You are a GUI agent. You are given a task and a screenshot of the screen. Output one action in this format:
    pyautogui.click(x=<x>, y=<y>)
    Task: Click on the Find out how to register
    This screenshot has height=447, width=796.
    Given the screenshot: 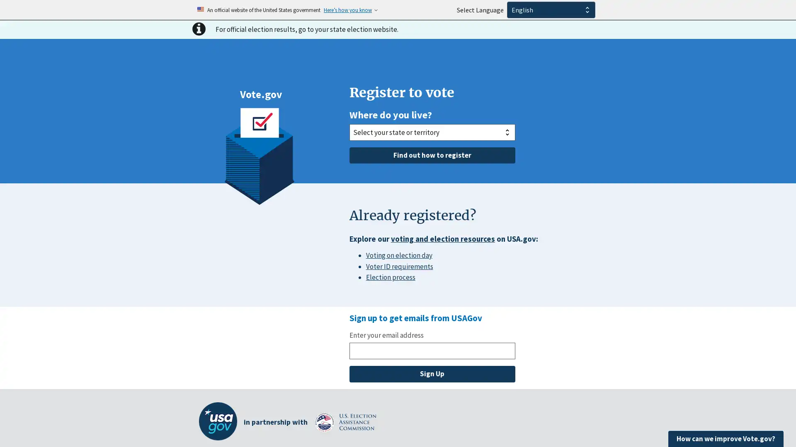 What is the action you would take?
    pyautogui.click(x=431, y=155)
    